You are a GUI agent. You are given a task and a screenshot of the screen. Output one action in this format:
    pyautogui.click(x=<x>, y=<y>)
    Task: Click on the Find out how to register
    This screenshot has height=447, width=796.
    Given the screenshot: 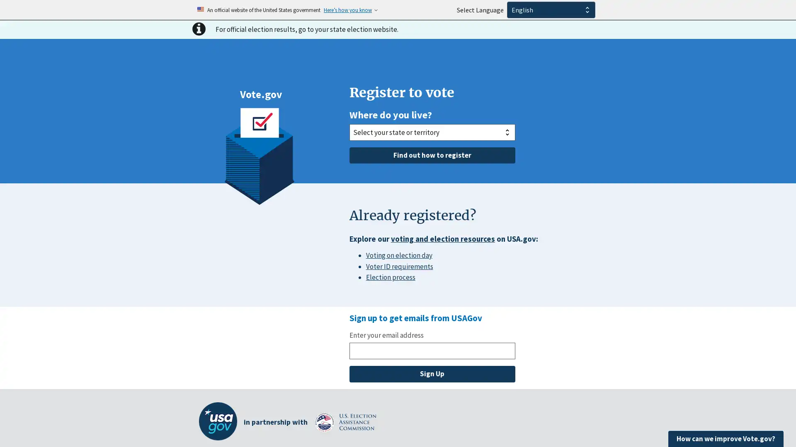 What is the action you would take?
    pyautogui.click(x=431, y=155)
    